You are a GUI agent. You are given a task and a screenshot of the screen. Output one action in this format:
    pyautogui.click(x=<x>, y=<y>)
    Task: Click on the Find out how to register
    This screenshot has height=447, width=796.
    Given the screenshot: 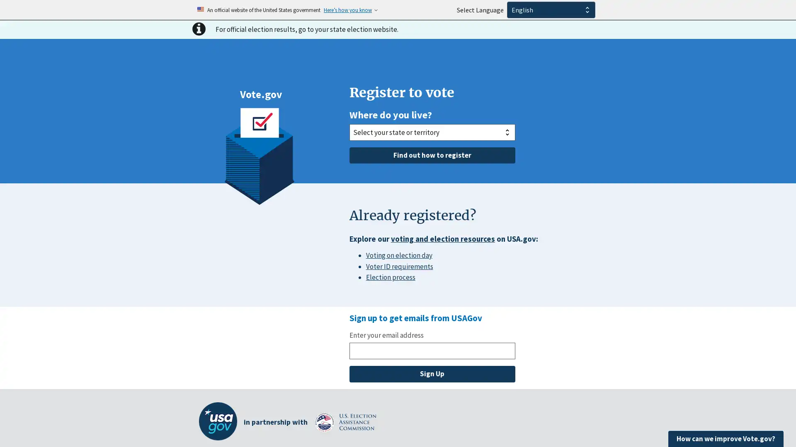 What is the action you would take?
    pyautogui.click(x=431, y=155)
    